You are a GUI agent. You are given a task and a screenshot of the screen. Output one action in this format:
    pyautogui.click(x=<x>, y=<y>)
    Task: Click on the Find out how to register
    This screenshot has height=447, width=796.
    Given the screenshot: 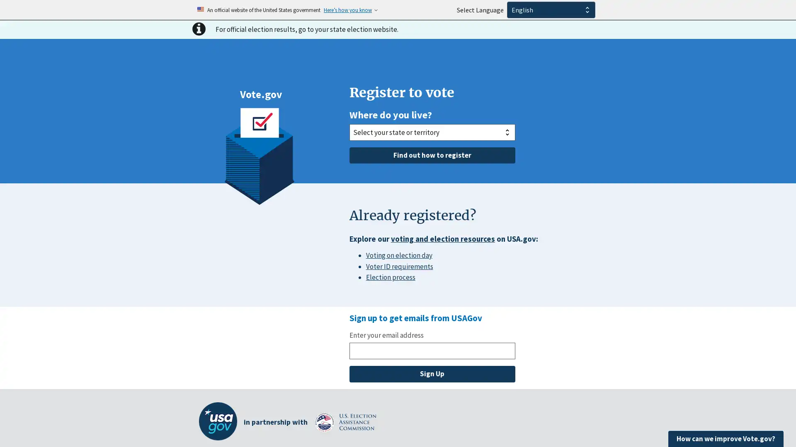 What is the action you would take?
    pyautogui.click(x=431, y=155)
    